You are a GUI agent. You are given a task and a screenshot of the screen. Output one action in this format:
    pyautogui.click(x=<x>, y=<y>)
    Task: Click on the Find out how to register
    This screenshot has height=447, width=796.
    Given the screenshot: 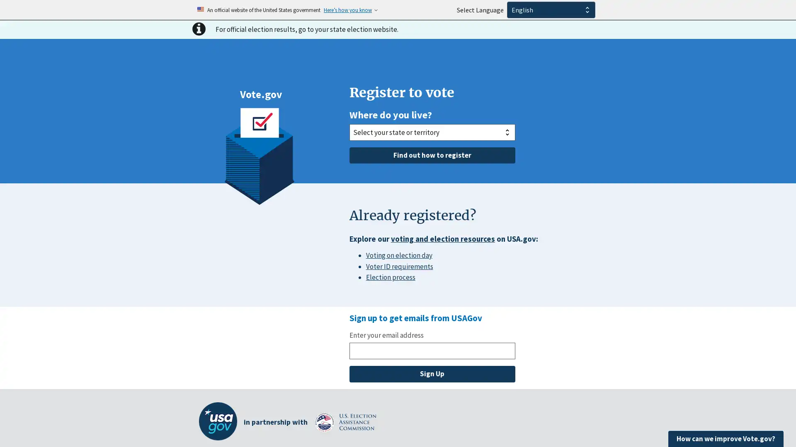 What is the action you would take?
    pyautogui.click(x=431, y=155)
    